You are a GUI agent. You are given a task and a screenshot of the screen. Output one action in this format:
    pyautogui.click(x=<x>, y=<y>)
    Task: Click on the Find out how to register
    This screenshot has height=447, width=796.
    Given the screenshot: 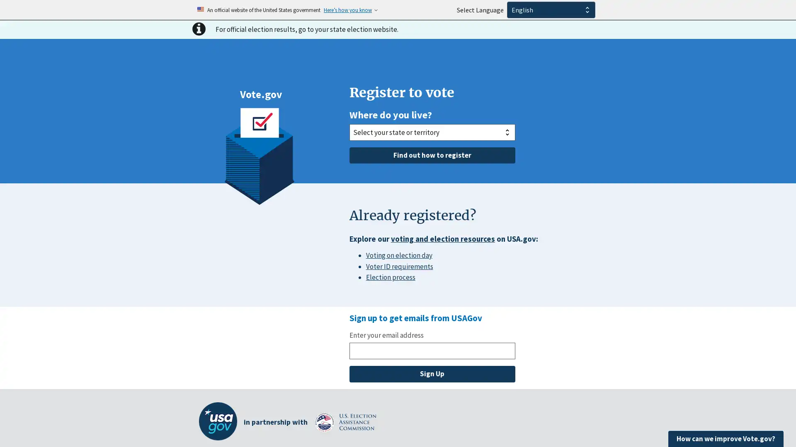 What is the action you would take?
    pyautogui.click(x=431, y=155)
    